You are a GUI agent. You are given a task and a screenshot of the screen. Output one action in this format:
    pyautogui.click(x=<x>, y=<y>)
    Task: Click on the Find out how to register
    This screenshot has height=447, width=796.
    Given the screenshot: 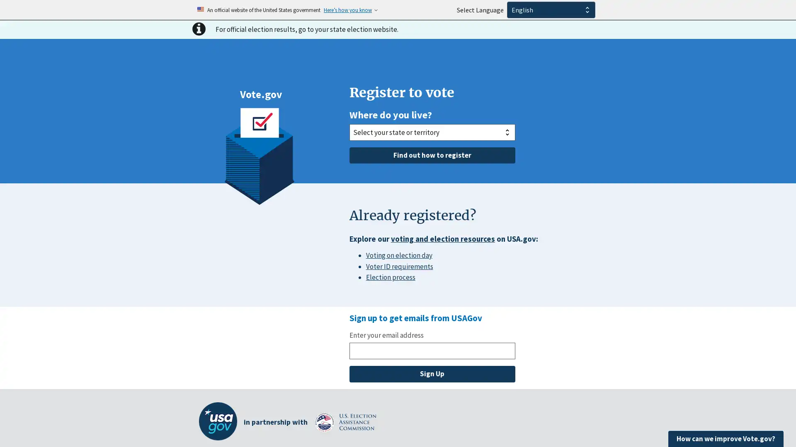 What is the action you would take?
    pyautogui.click(x=431, y=155)
    